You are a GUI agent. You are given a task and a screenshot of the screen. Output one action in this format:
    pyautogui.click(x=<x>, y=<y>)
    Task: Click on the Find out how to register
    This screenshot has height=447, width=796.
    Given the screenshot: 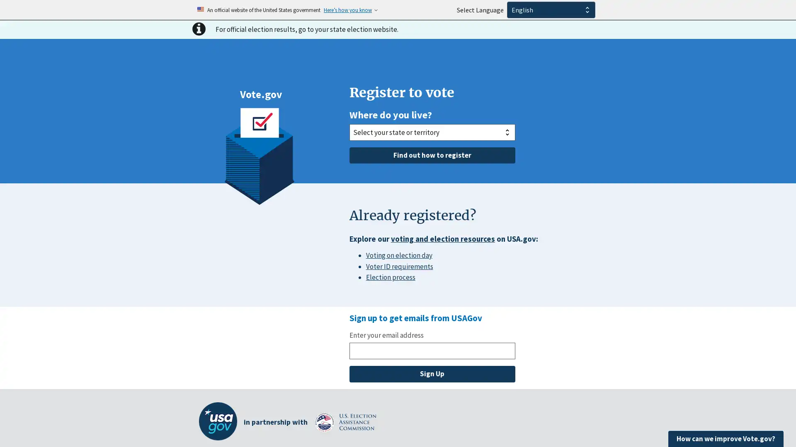 What is the action you would take?
    pyautogui.click(x=431, y=155)
    